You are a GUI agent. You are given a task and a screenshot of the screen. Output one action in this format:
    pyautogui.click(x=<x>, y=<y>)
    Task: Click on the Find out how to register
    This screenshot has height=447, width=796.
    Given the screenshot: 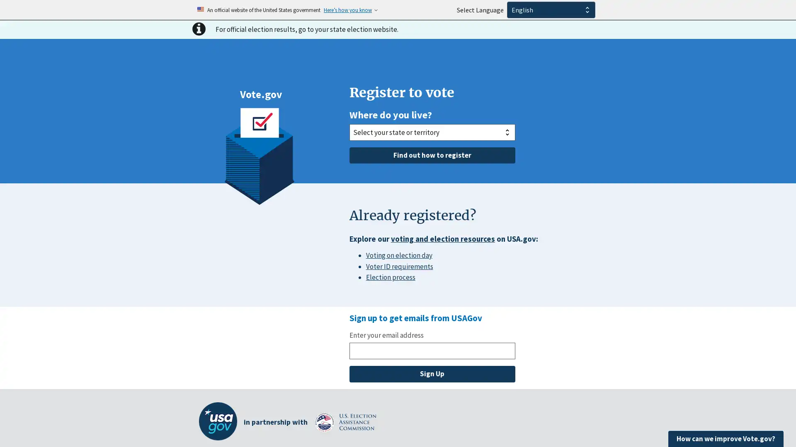 What is the action you would take?
    pyautogui.click(x=431, y=155)
    